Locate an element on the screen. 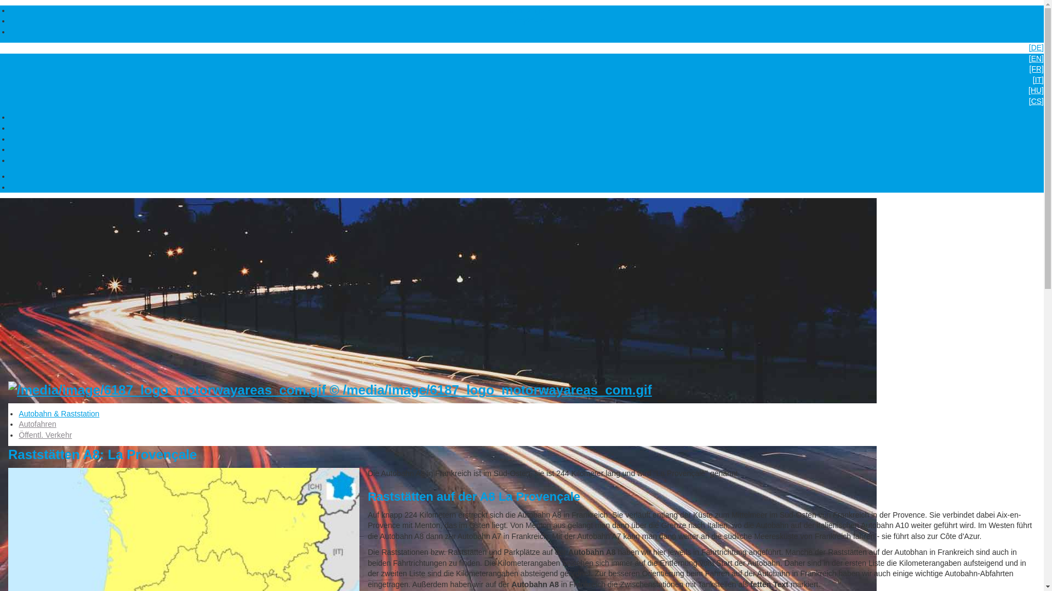 This screenshot has width=1052, height=591. 'Autobahn & Raststation' is located at coordinates (58, 414).